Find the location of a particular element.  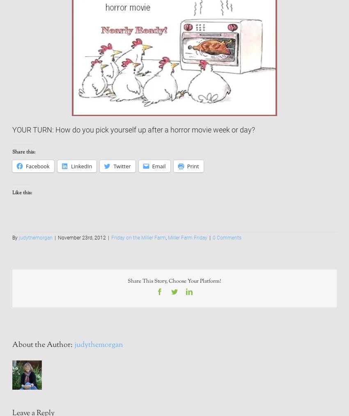

'Twitter' is located at coordinates (121, 165).